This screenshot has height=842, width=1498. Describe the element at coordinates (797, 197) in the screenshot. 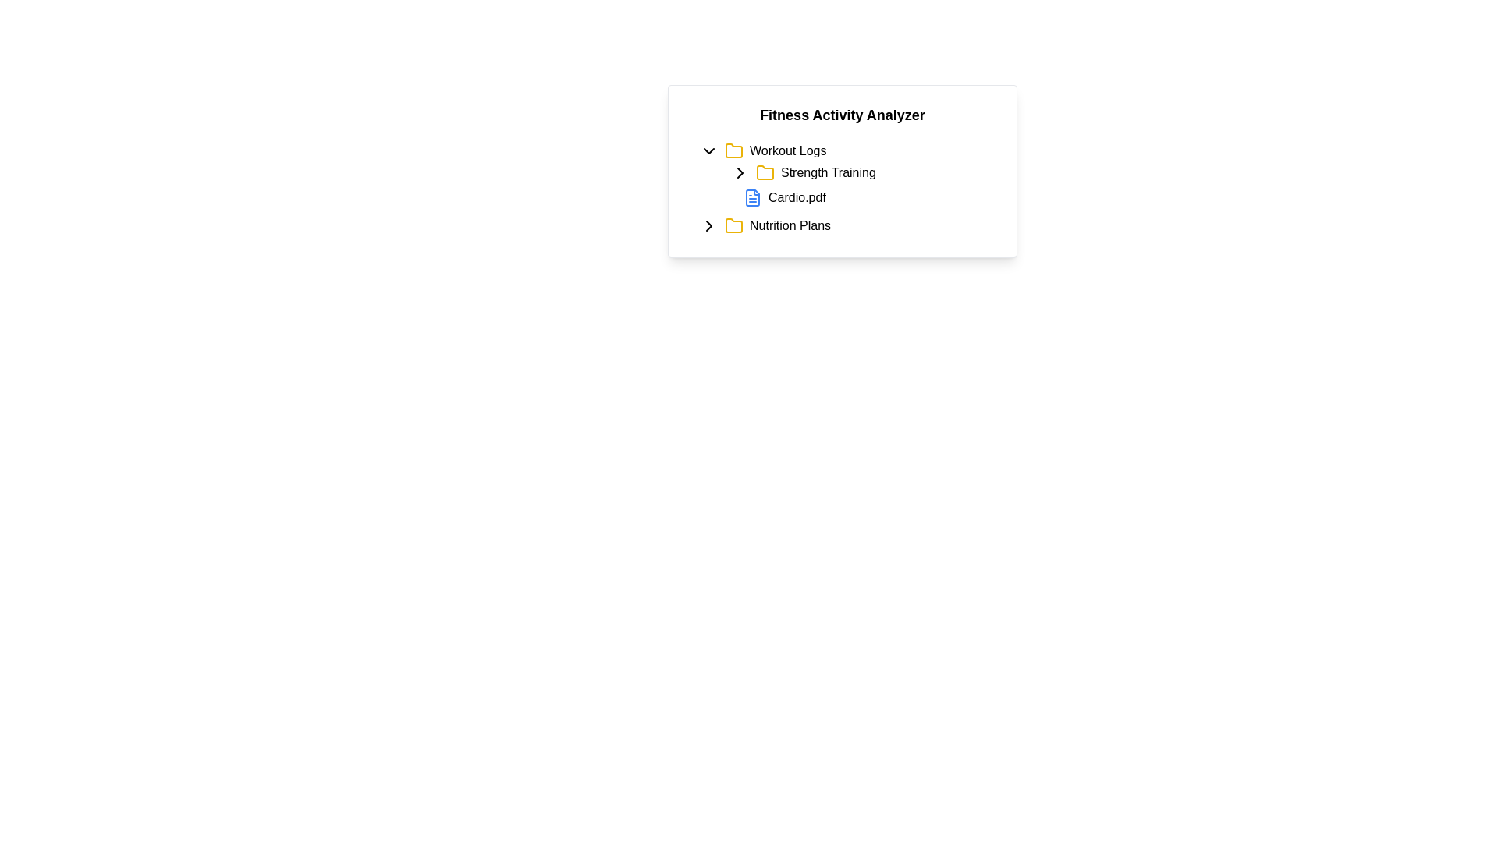

I see `the text label representing the file 'Cardio.pdf'` at that location.